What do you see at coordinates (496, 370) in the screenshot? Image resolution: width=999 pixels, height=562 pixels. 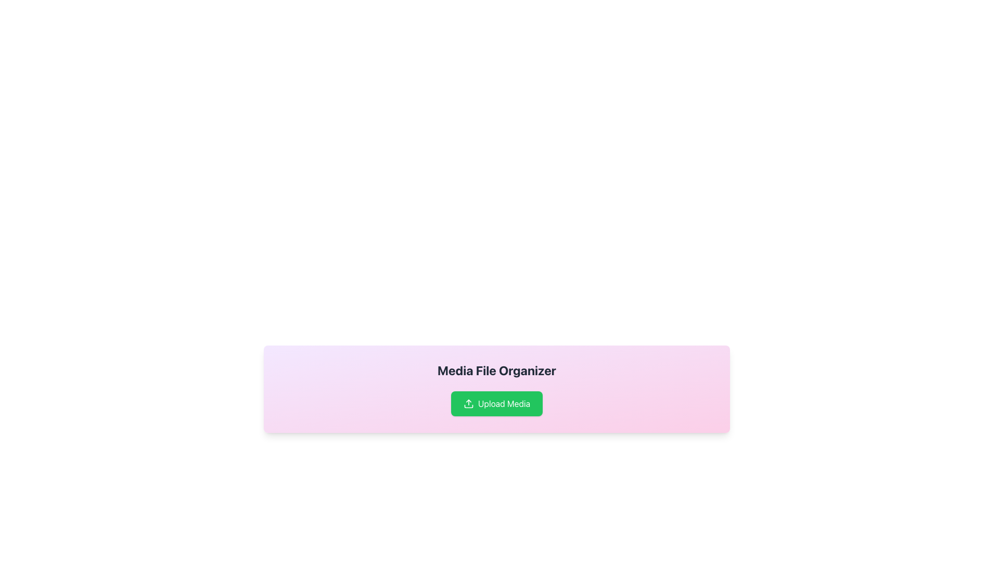 I see `the Text Header that serves as the title for the section, located centrally above the 'Upload Media' button` at bounding box center [496, 370].